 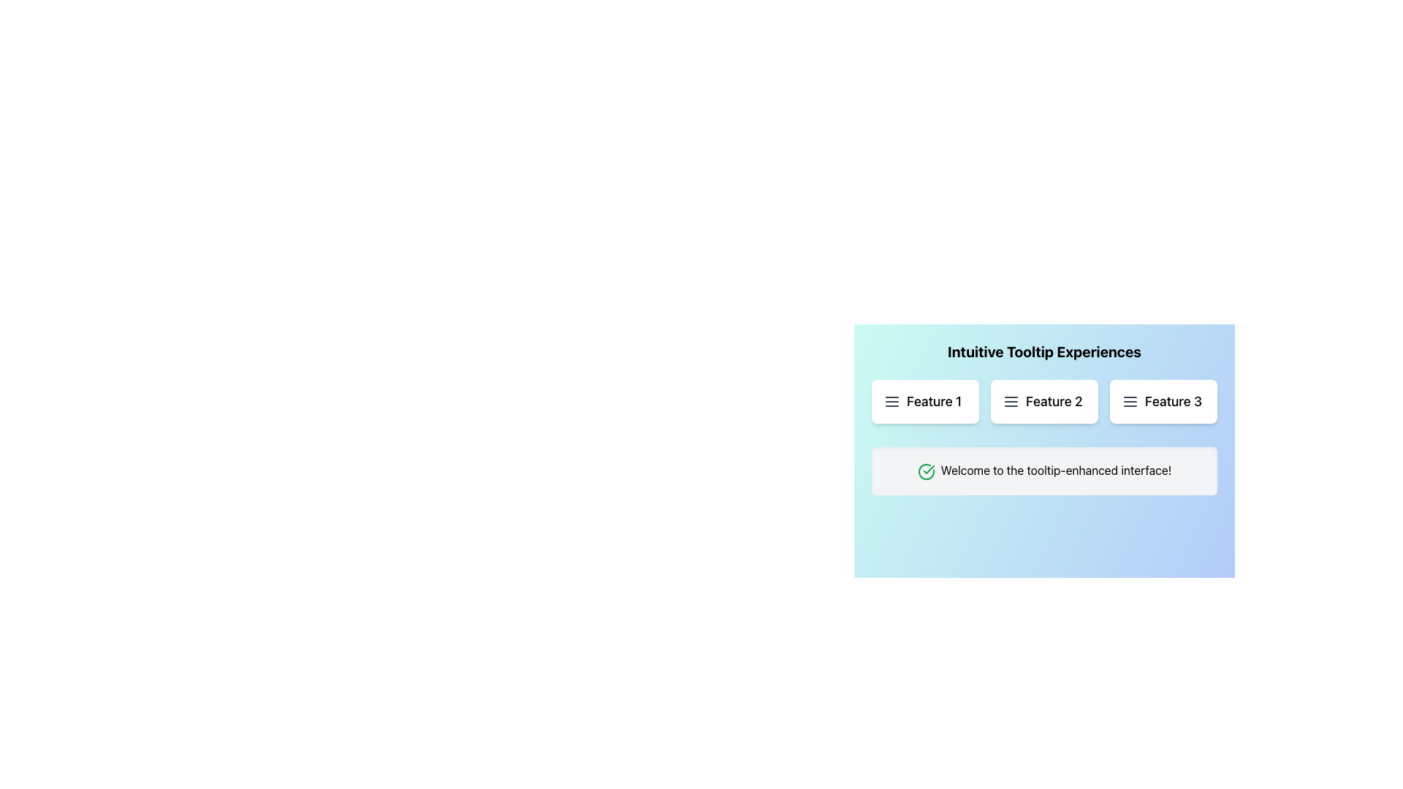 I want to click on the decorative confirmation icon located to the left of the message 'Welcome to the tooltip-enhanced interface!' in the bottom-center section of the interface, so click(x=925, y=471).